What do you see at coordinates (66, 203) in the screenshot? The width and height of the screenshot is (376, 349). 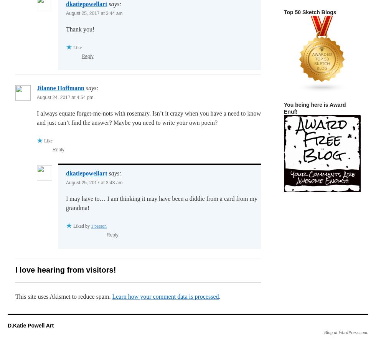 I see `'I may have to… I am thinking it may have been a diddie from a card from my grandma!'` at bounding box center [66, 203].